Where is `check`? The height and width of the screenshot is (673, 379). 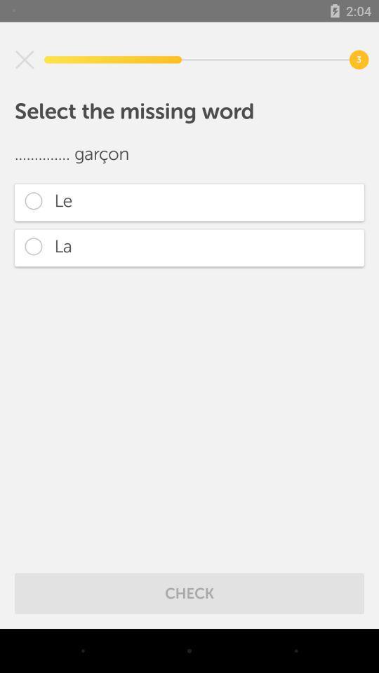
check is located at coordinates (189, 592).